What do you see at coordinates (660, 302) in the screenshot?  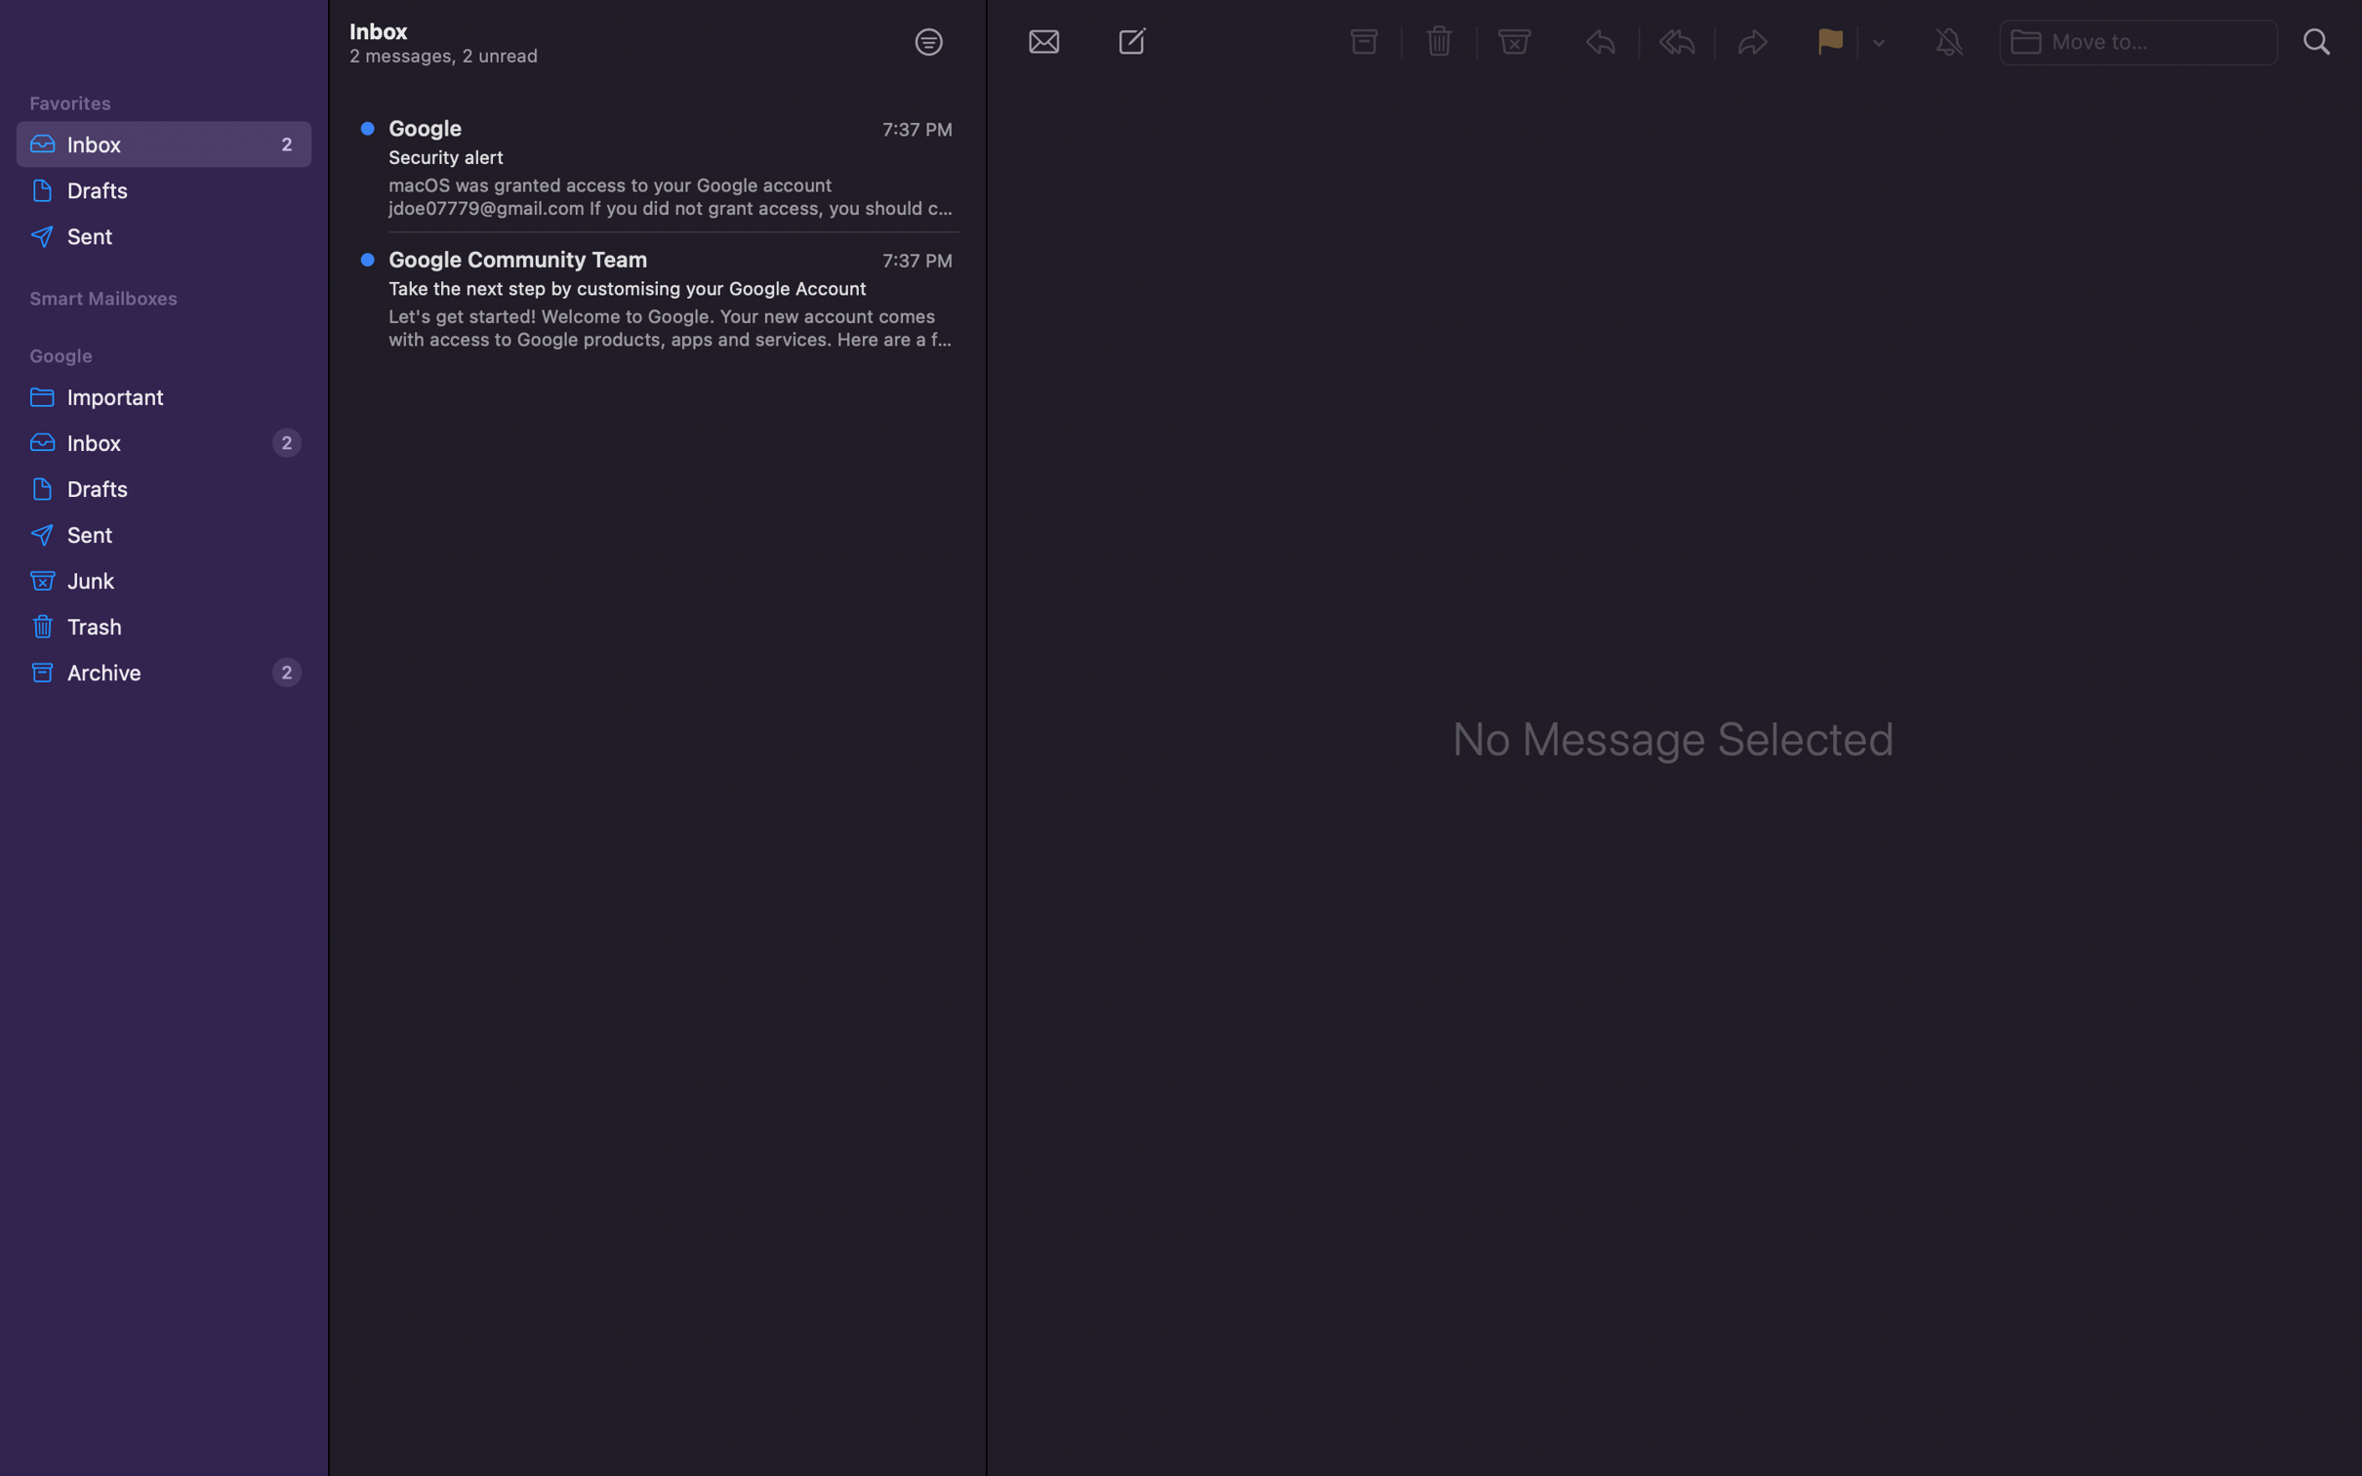 I see `Click option to reply to all recipients of the second mail` at bounding box center [660, 302].